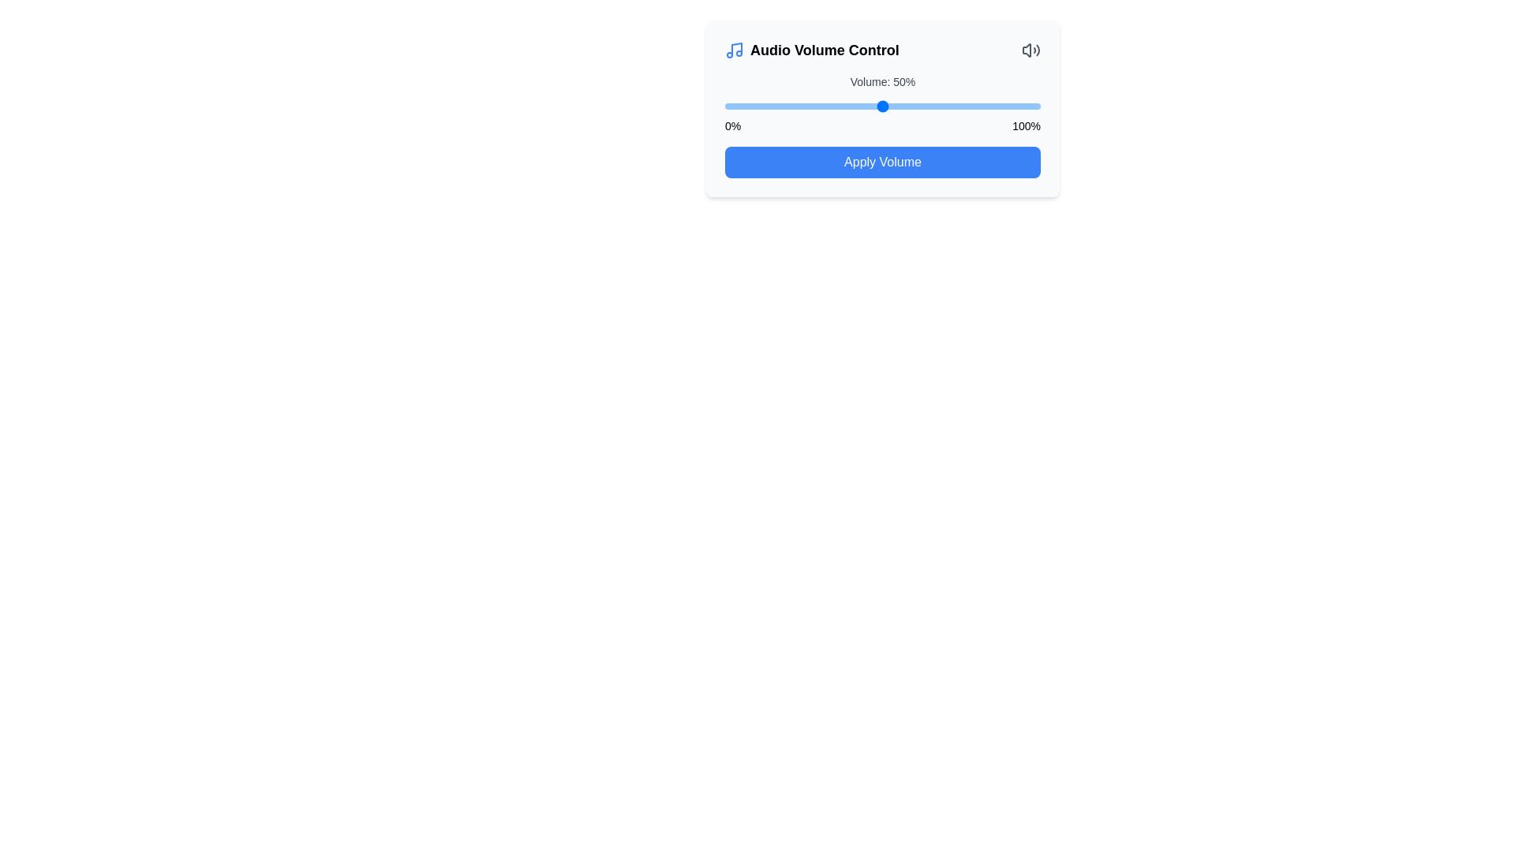 The height and width of the screenshot is (852, 1515). I want to click on the volume, so click(895, 106).